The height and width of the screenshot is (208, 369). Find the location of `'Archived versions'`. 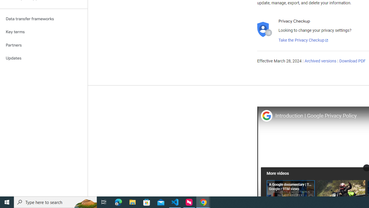

'Archived versions' is located at coordinates (320, 61).